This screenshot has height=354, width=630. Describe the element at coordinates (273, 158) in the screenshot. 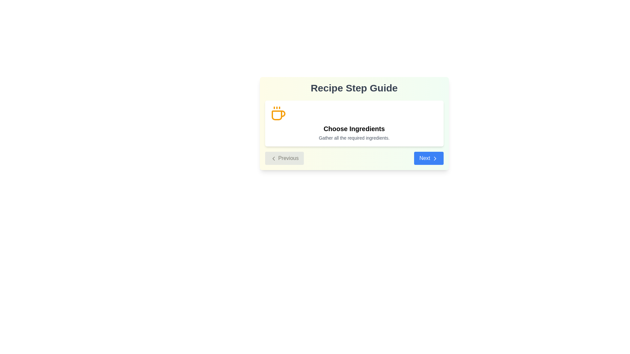

I see `the left-pointing chevron icon within the 'Previous' button located at the bottom left corner of the center panel` at that location.